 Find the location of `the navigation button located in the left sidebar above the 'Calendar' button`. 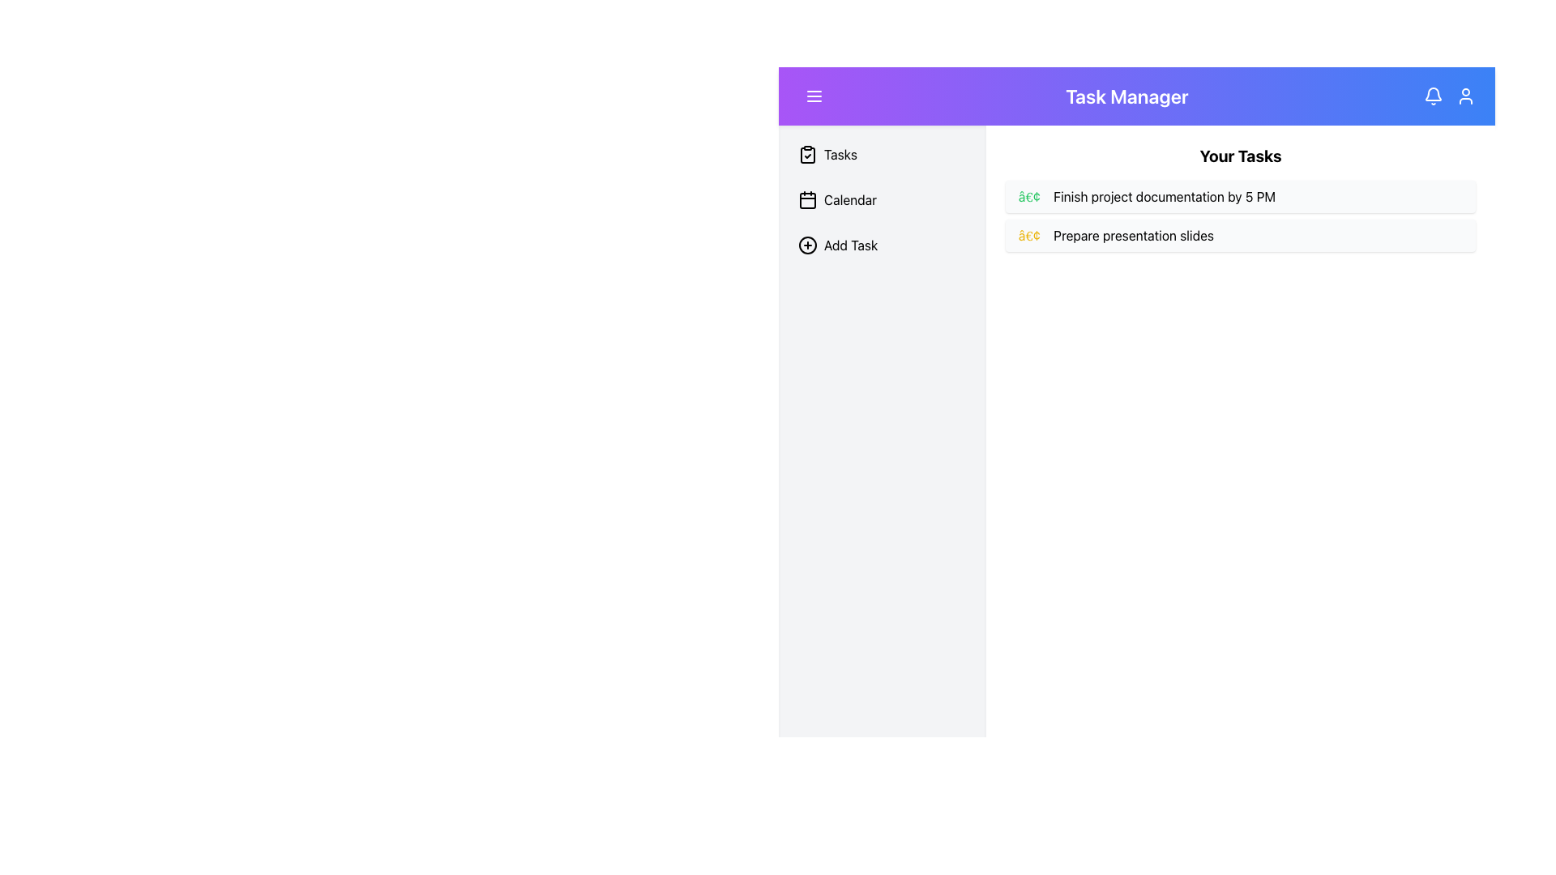

the navigation button located in the left sidebar above the 'Calendar' button is located at coordinates (827, 155).